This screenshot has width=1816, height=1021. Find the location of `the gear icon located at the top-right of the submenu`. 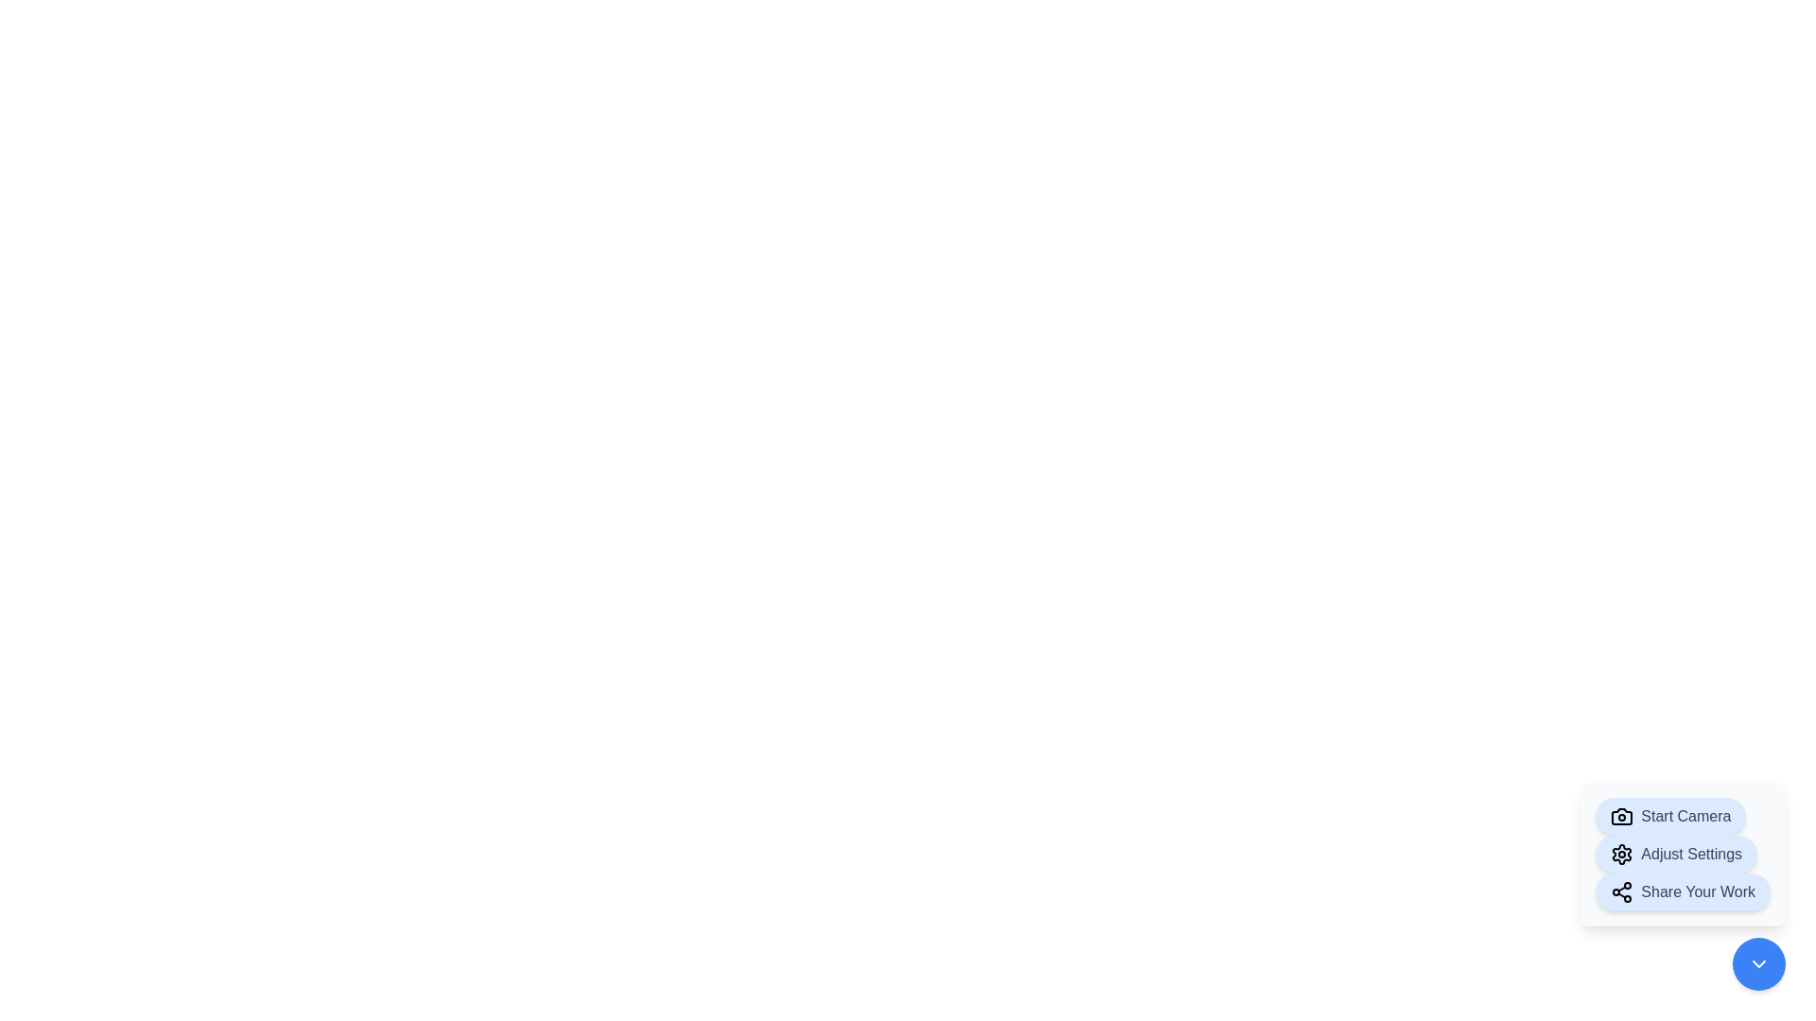

the gear icon located at the top-right of the submenu is located at coordinates (1621, 854).